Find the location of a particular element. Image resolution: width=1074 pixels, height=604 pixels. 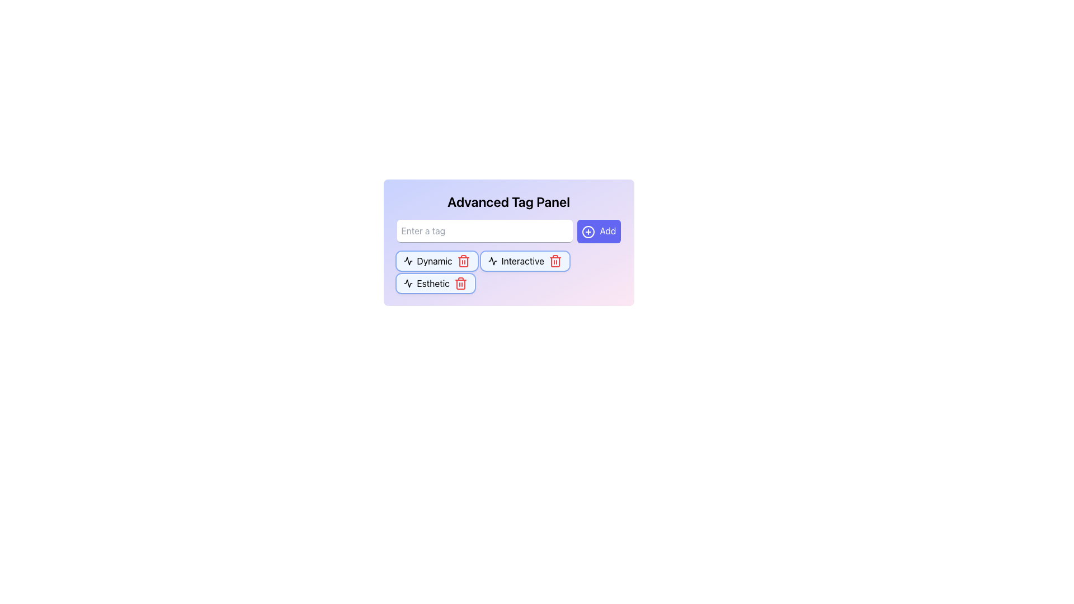

the trash bin icon button located beside the 'Interactive' text label is located at coordinates (555, 262).